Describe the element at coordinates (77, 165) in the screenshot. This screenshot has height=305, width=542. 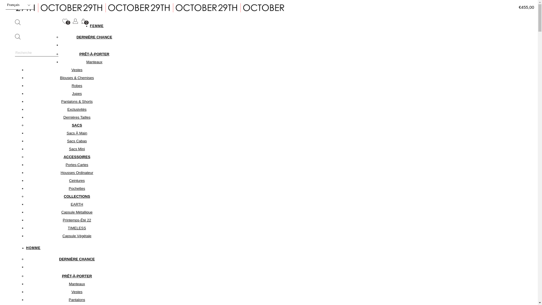
I see `'Portes-Cartes'` at that location.